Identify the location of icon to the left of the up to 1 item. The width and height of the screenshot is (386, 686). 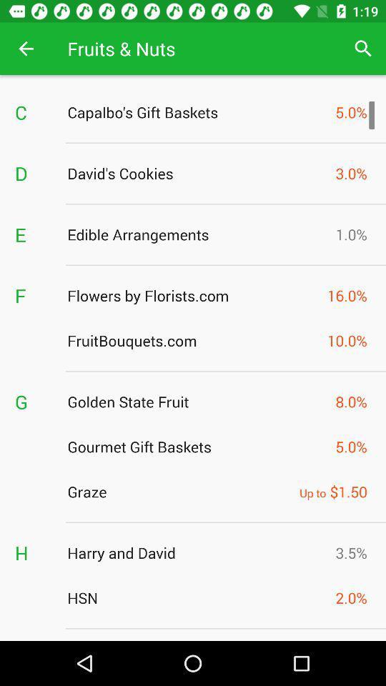
(179, 492).